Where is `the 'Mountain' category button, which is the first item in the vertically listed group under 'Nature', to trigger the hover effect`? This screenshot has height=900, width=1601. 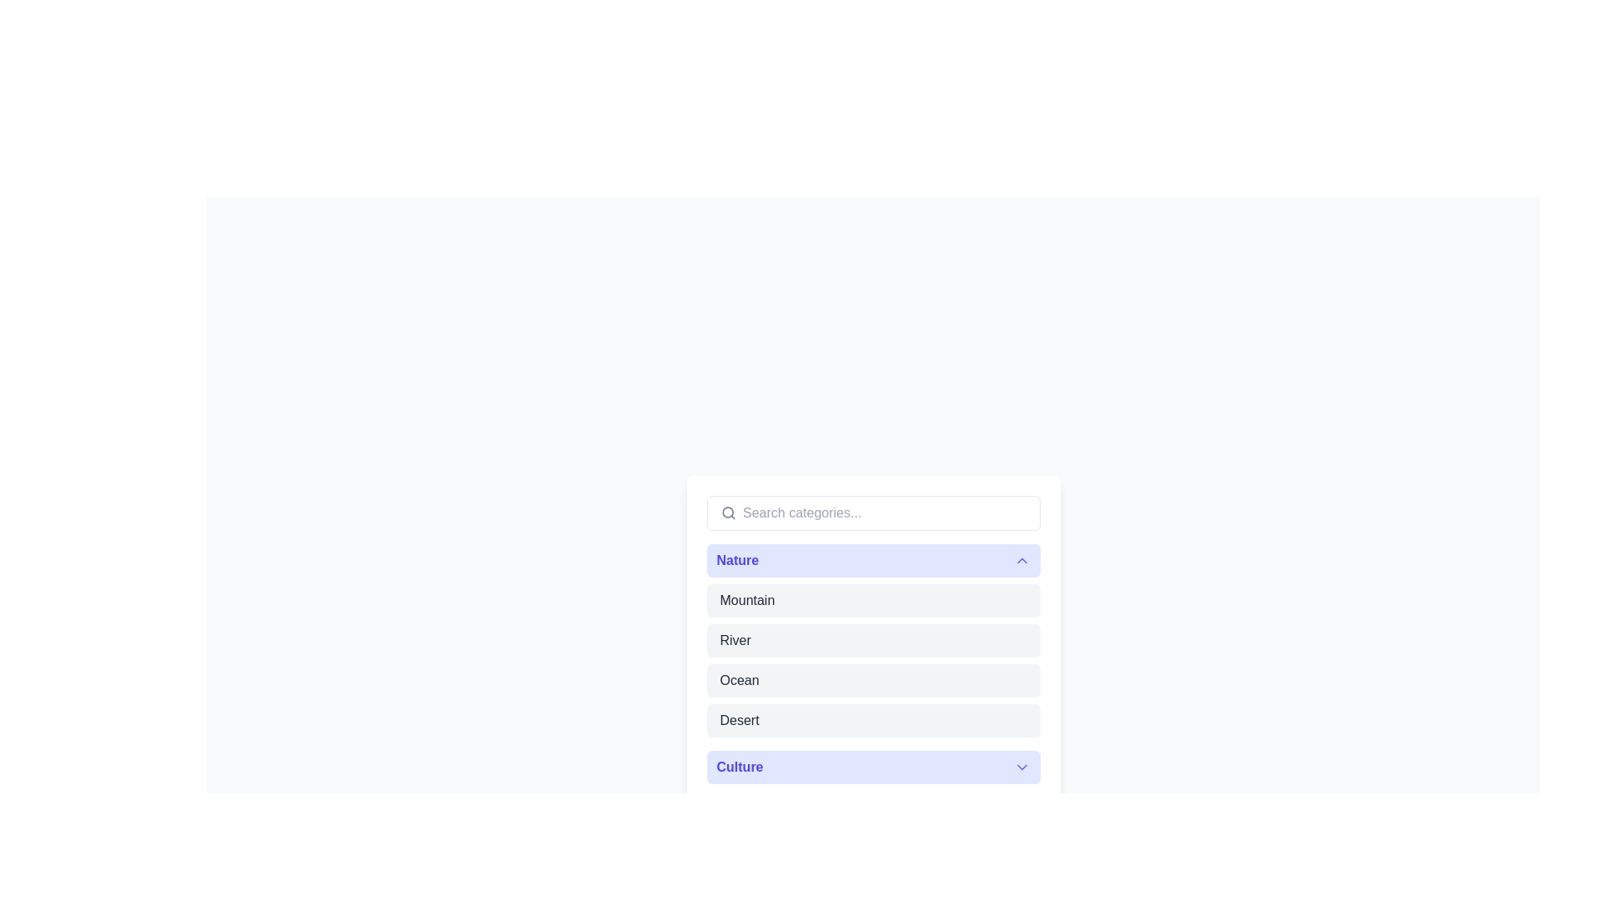
the 'Mountain' category button, which is the first item in the vertically listed group under 'Nature', to trigger the hover effect is located at coordinates (872, 601).